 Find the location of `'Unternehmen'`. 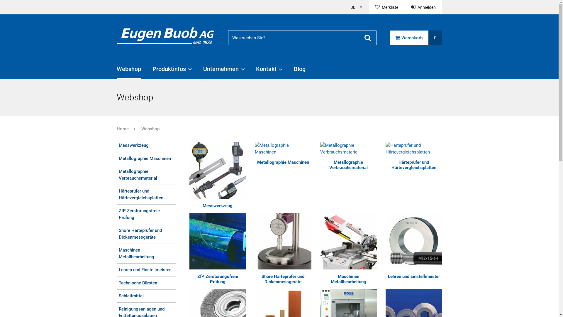

'Unternehmen' is located at coordinates (223, 71).